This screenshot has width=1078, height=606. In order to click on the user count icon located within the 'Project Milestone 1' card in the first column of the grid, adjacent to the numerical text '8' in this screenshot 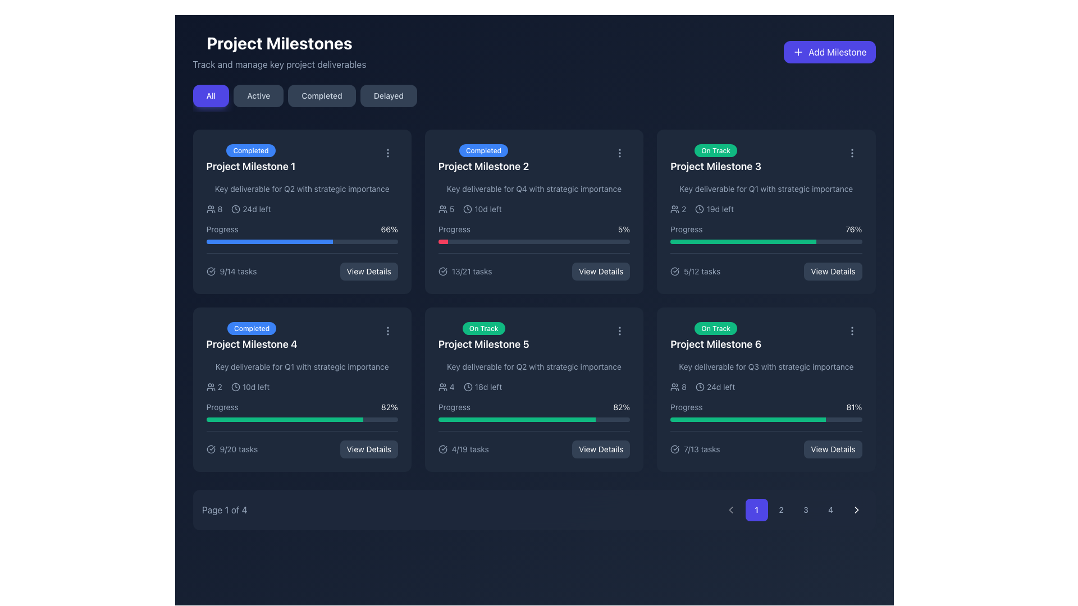, I will do `click(211, 209)`.